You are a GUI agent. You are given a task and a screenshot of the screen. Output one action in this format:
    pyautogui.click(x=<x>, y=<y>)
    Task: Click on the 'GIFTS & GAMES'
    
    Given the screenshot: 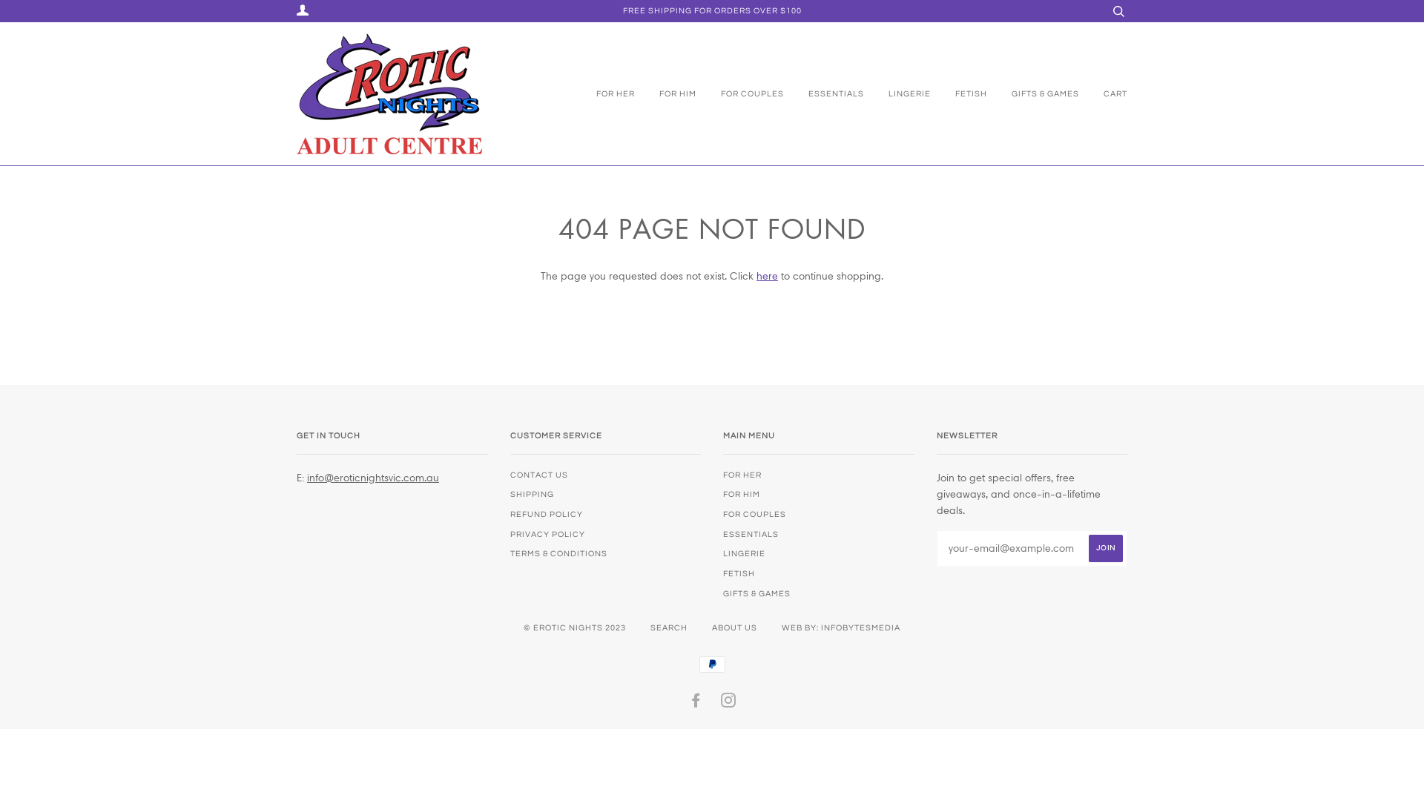 What is the action you would take?
    pyautogui.click(x=756, y=593)
    